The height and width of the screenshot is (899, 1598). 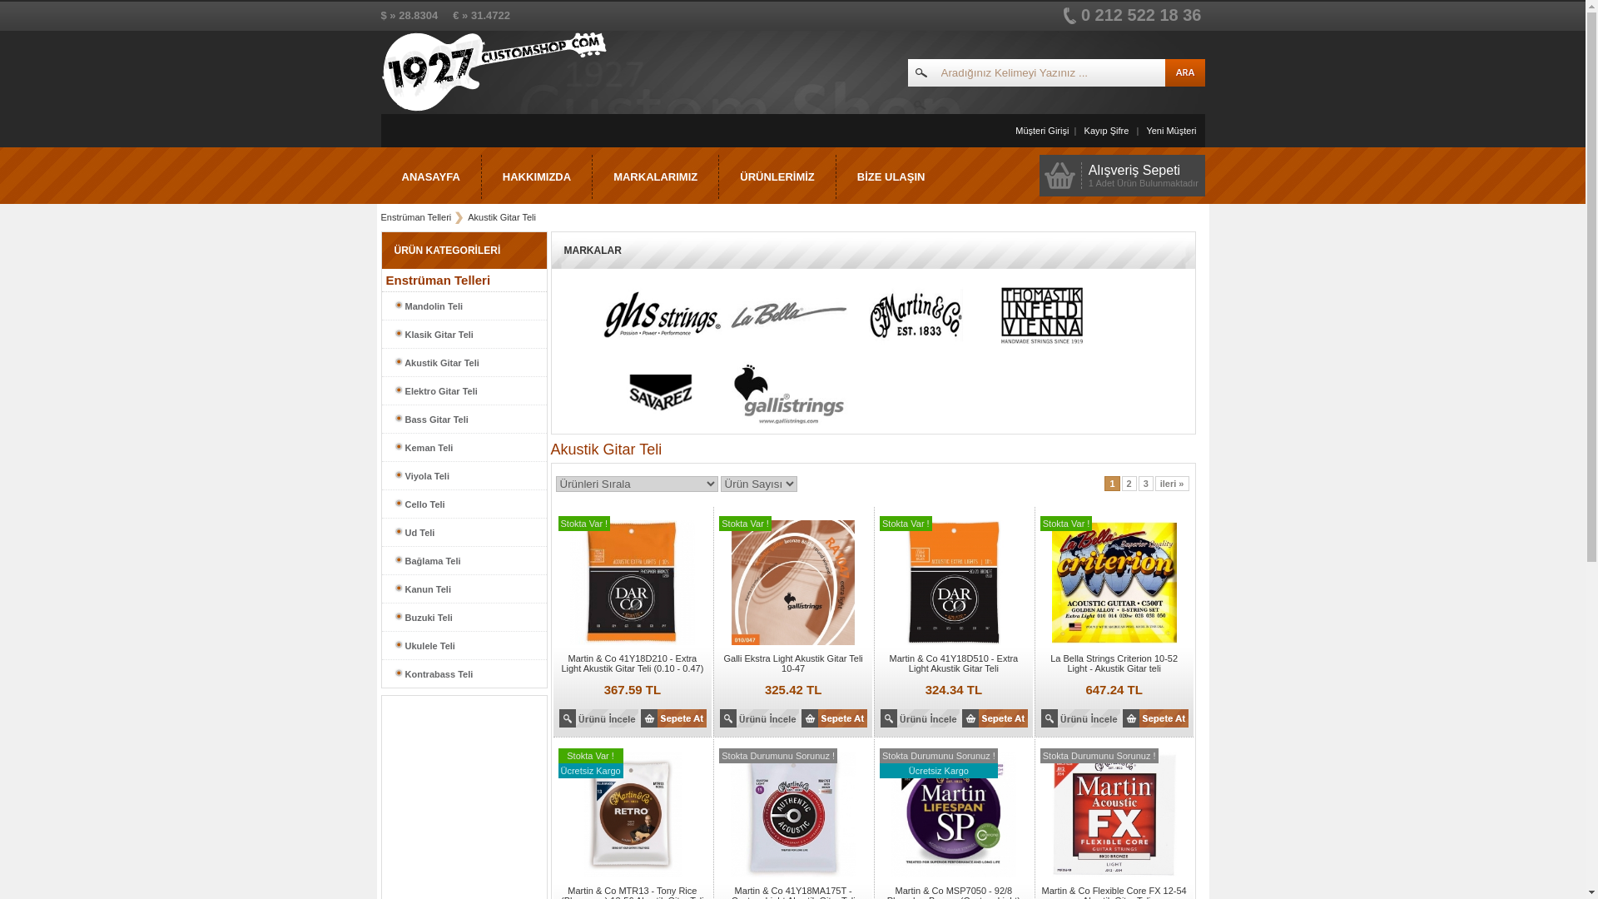 I want to click on 'Mandolin Teli', so click(x=463, y=305).